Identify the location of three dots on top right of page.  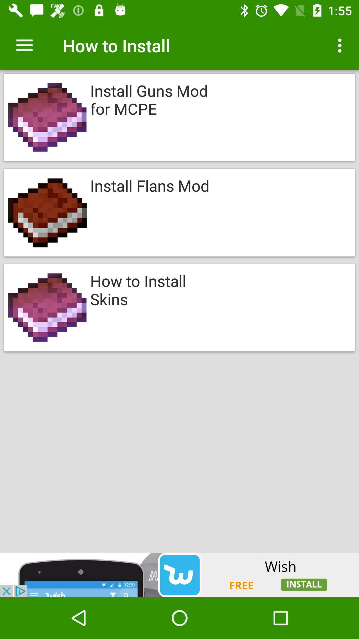
(341, 45).